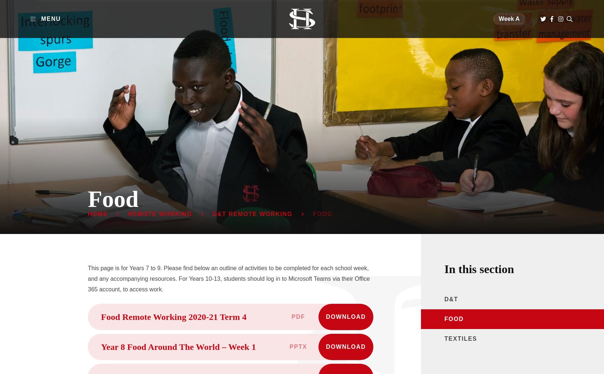 The height and width of the screenshot is (374, 604). I want to click on 'pdf', so click(291, 317).